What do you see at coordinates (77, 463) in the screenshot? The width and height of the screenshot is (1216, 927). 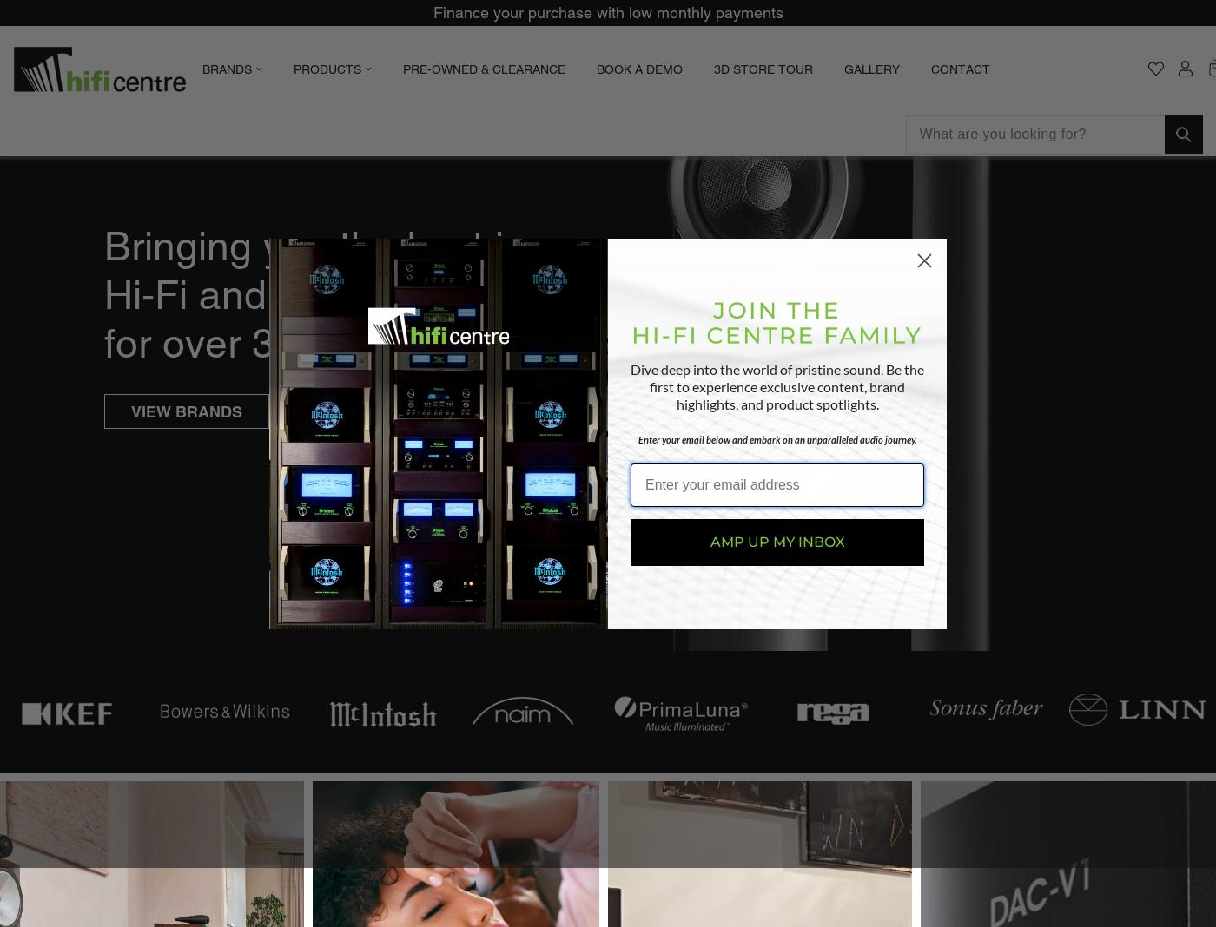 I see `'Classe'` at bounding box center [77, 463].